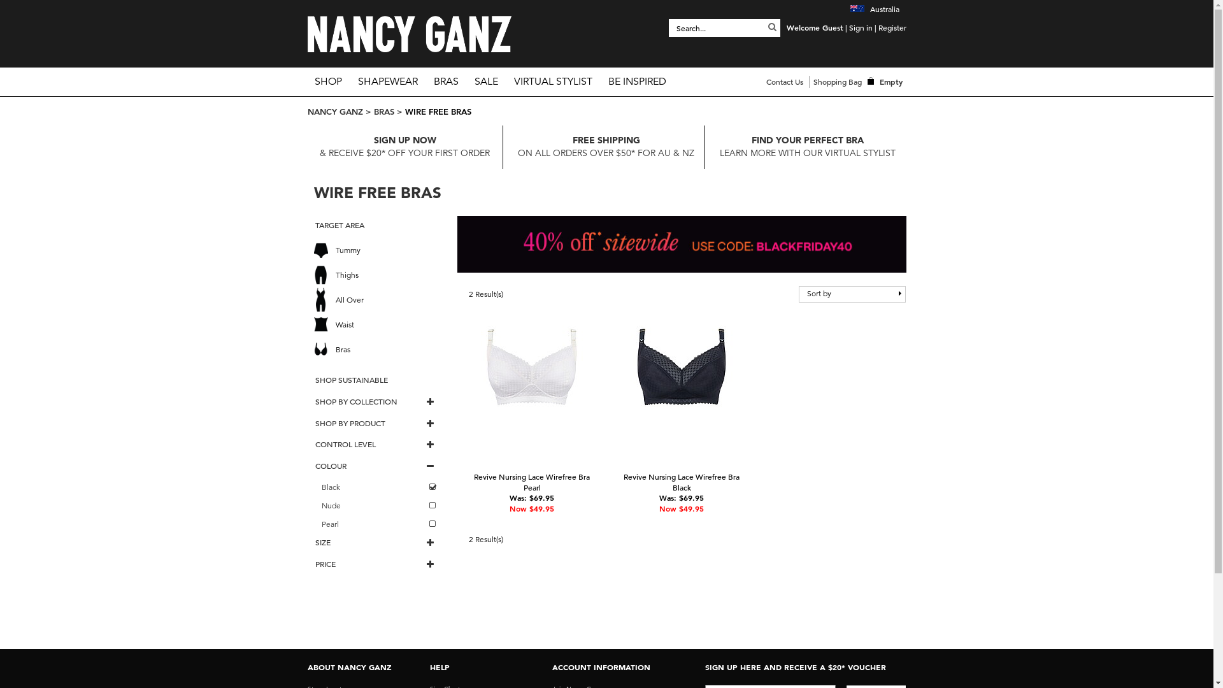 The width and height of the screenshot is (1223, 688). What do you see at coordinates (532, 482) in the screenshot?
I see `'Revive Nursing Lace Wirefree Bra` at bounding box center [532, 482].